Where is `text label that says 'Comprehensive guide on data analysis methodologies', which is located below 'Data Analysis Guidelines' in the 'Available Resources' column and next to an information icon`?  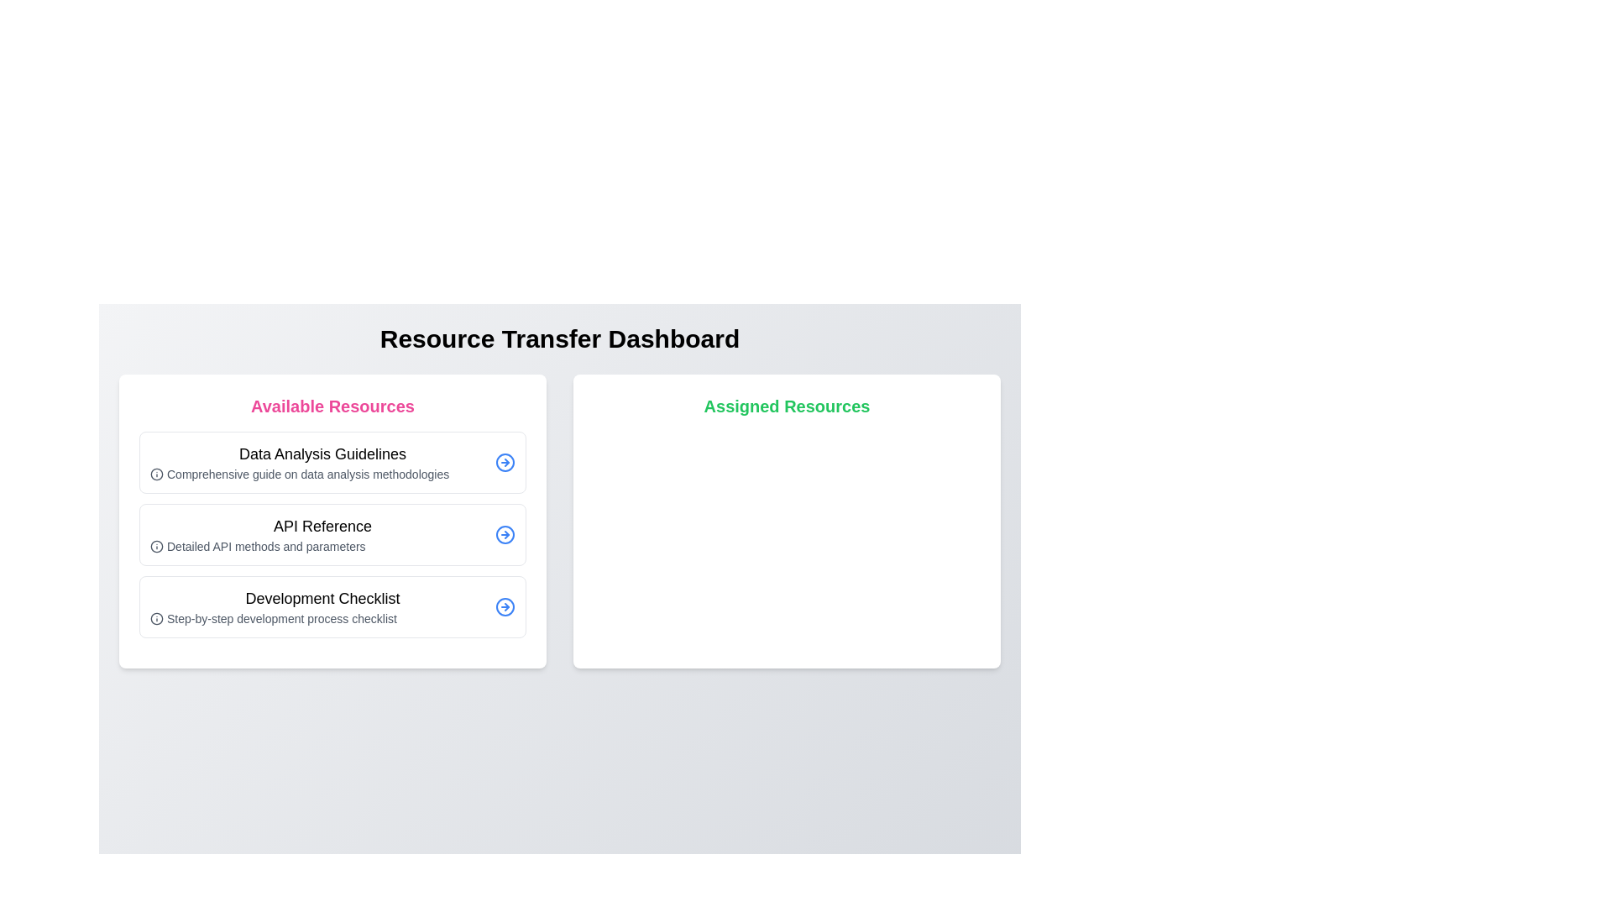 text label that says 'Comprehensive guide on data analysis methodologies', which is located below 'Data Analysis Guidelines' in the 'Available Resources' column and next to an information icon is located at coordinates (322, 474).